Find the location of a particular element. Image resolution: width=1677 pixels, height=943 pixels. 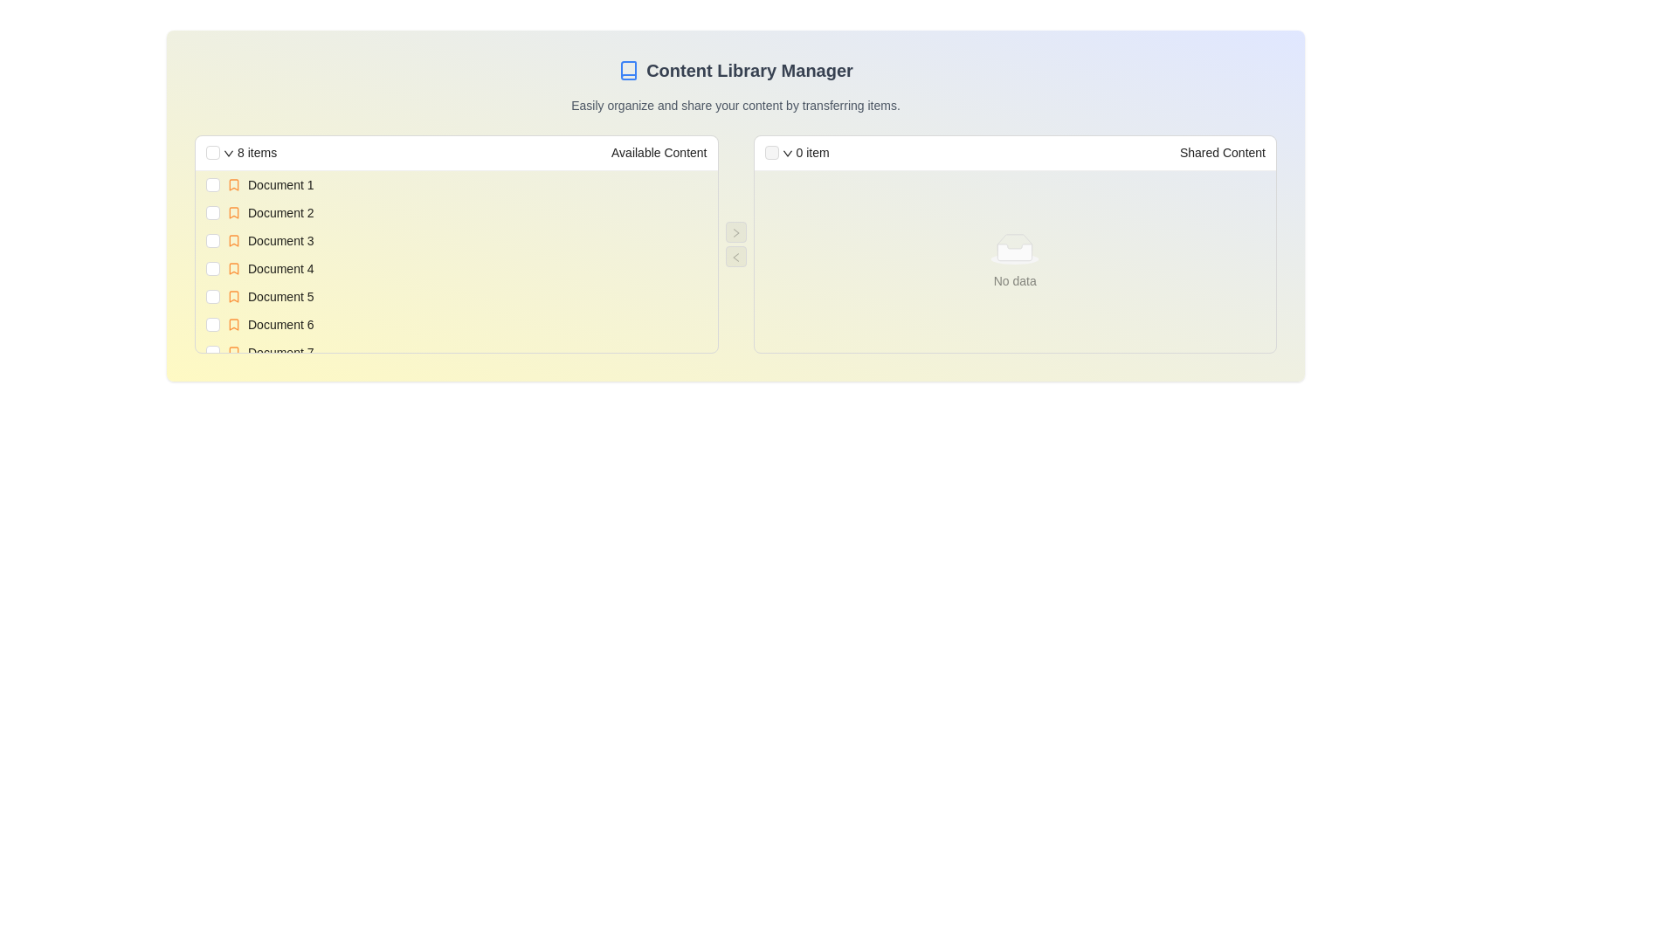

the checkbox located in the top-left corner of the 'Available Content' panel, allowing users to select or deselect all items is located at coordinates (212, 151).